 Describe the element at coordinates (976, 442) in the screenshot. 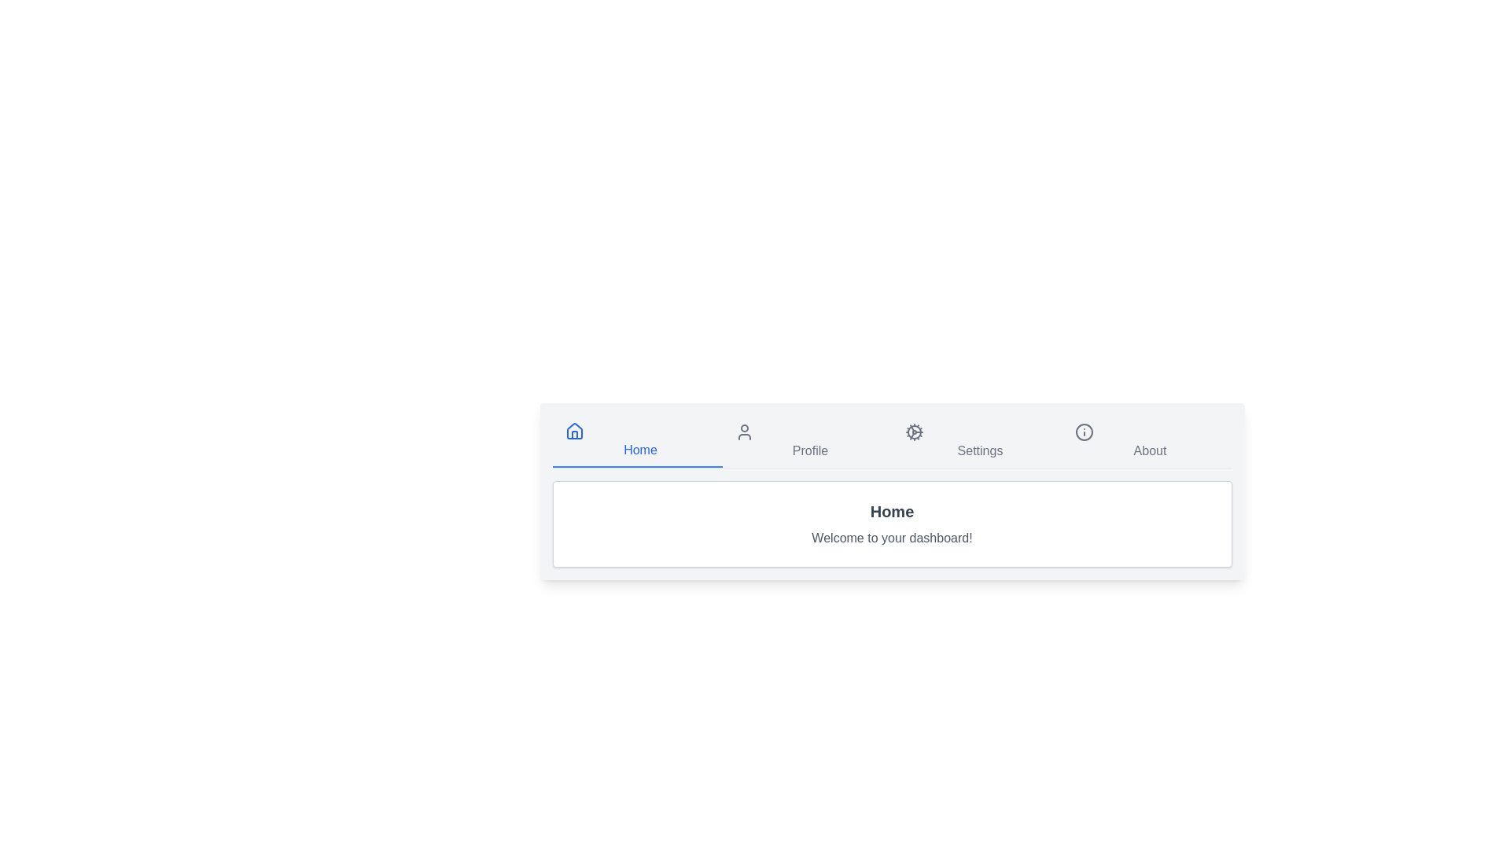

I see `the Settings tab by clicking on its navigation button` at that location.